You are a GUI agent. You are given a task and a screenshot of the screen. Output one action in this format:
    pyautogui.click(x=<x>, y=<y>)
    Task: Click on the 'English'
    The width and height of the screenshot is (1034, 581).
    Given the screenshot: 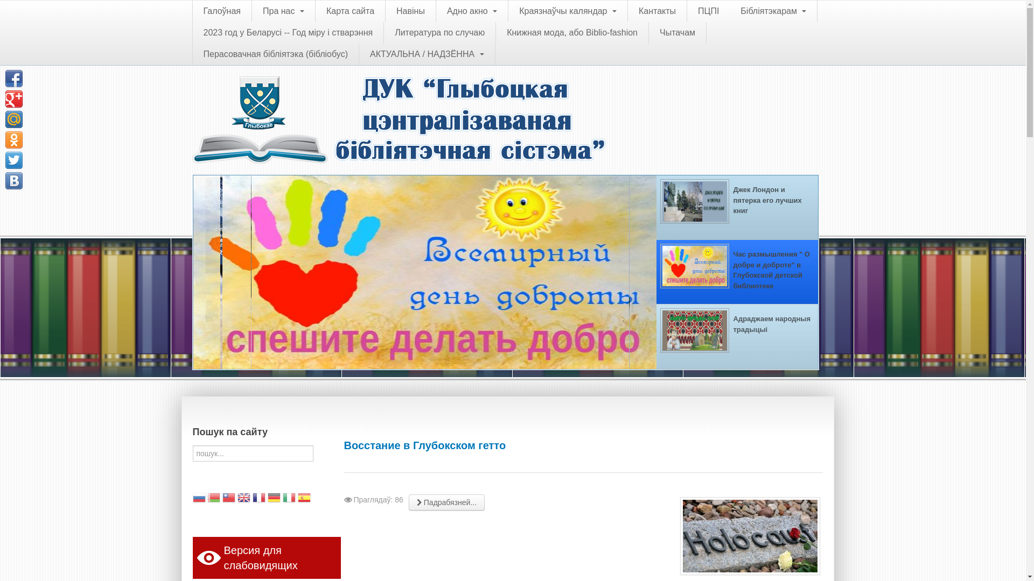 What is the action you would take?
    pyautogui.click(x=243, y=499)
    